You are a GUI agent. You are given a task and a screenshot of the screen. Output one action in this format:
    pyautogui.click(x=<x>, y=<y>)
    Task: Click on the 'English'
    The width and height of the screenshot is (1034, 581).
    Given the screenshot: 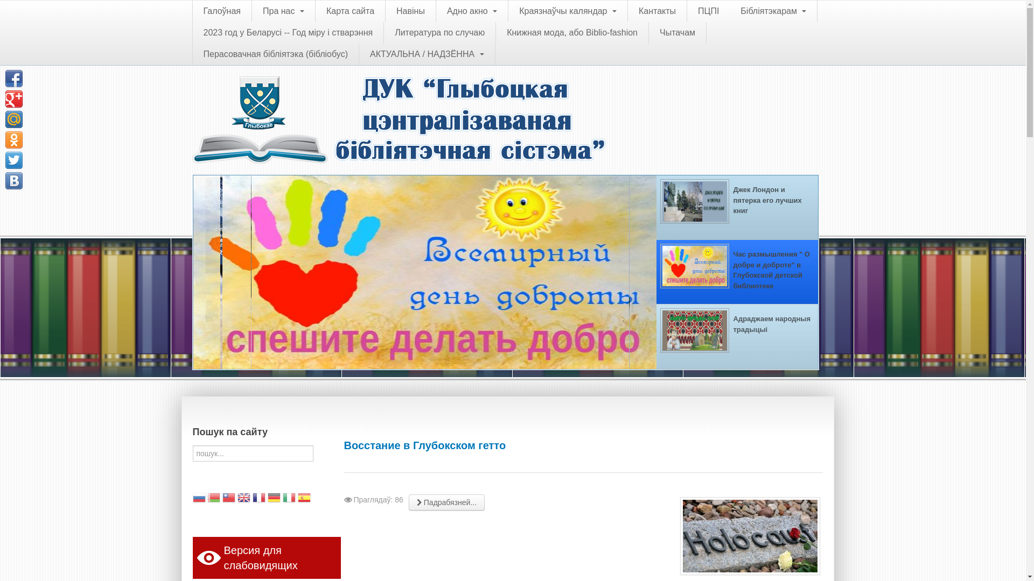 What is the action you would take?
    pyautogui.click(x=243, y=499)
    